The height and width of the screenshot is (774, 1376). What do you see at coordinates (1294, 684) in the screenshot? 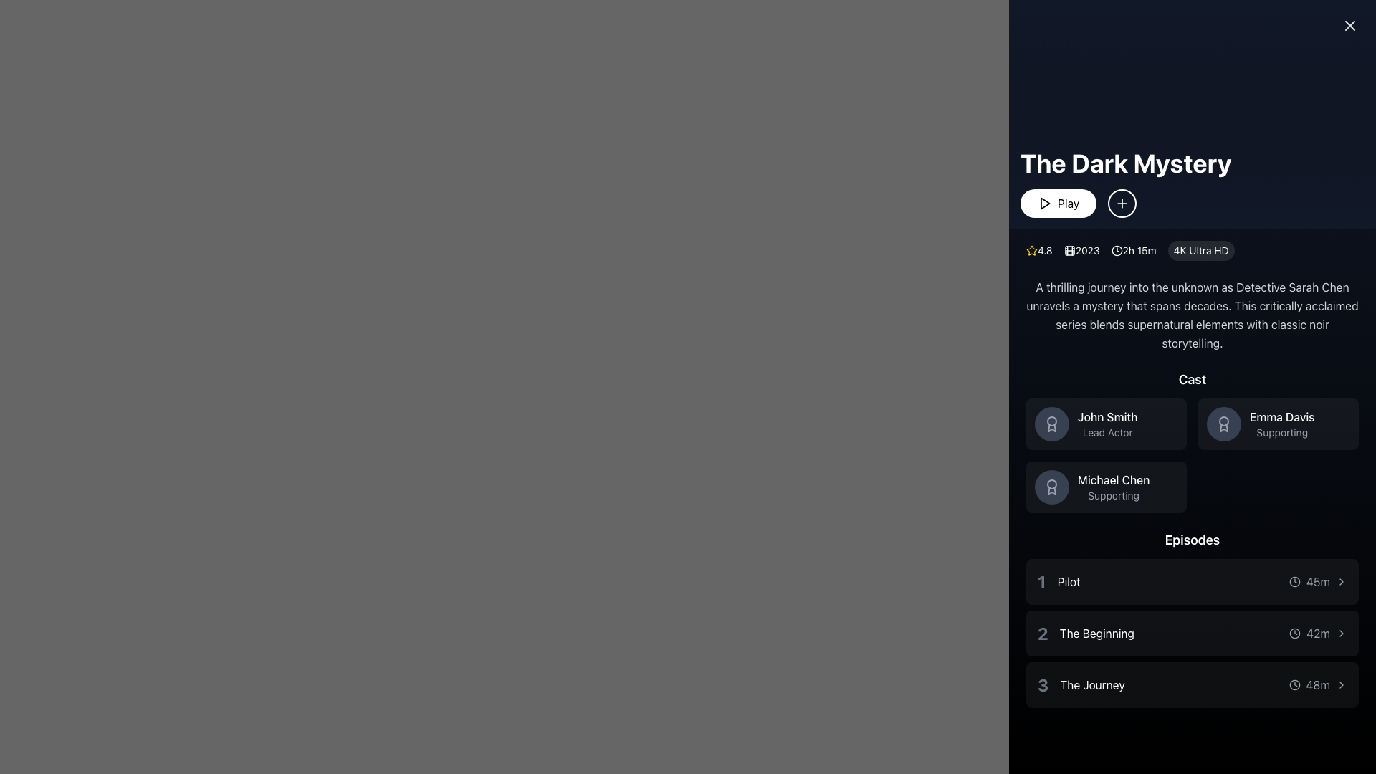
I see `the circular clock icon located to the left of the text '48m' in the episode card labeled 'The Journey'` at bounding box center [1294, 684].